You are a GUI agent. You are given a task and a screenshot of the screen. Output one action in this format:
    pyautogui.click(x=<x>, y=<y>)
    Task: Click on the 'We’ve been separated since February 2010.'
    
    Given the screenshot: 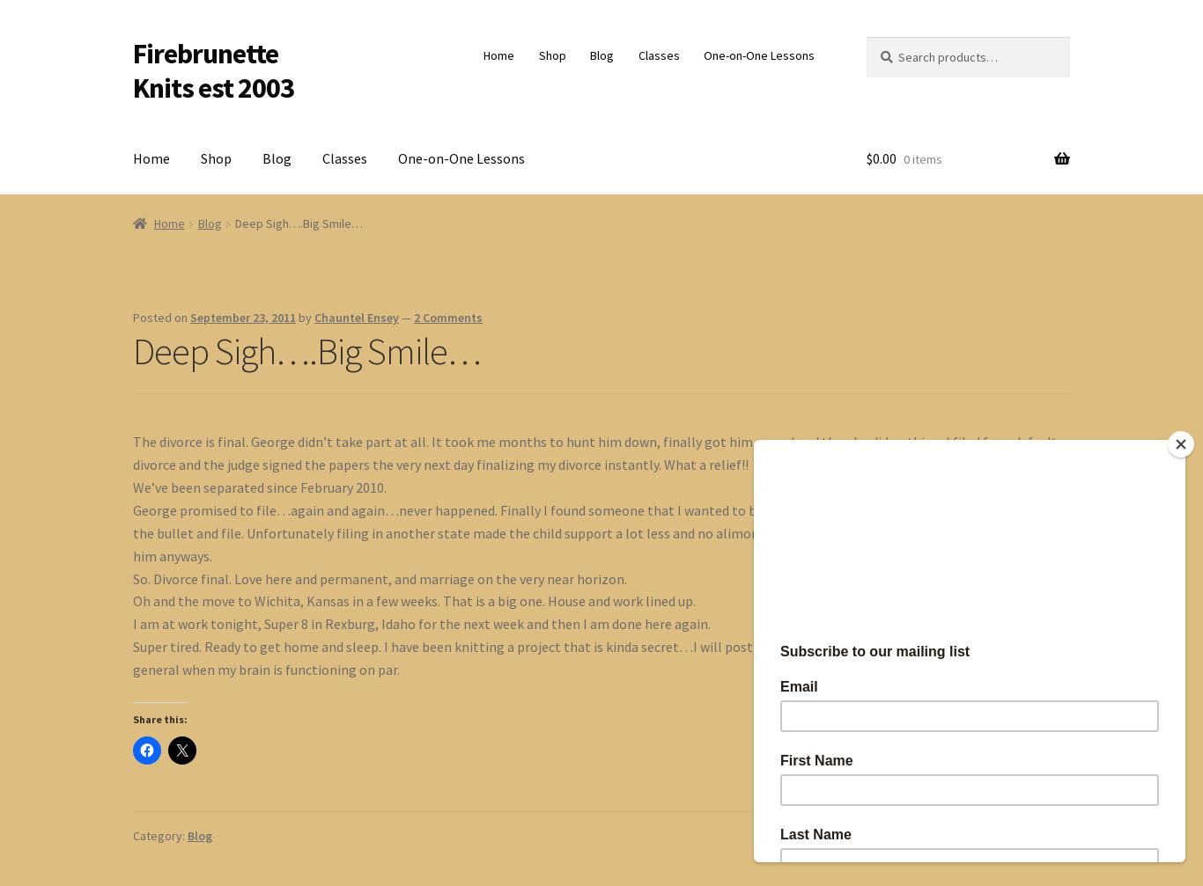 What is the action you would take?
    pyautogui.click(x=260, y=486)
    